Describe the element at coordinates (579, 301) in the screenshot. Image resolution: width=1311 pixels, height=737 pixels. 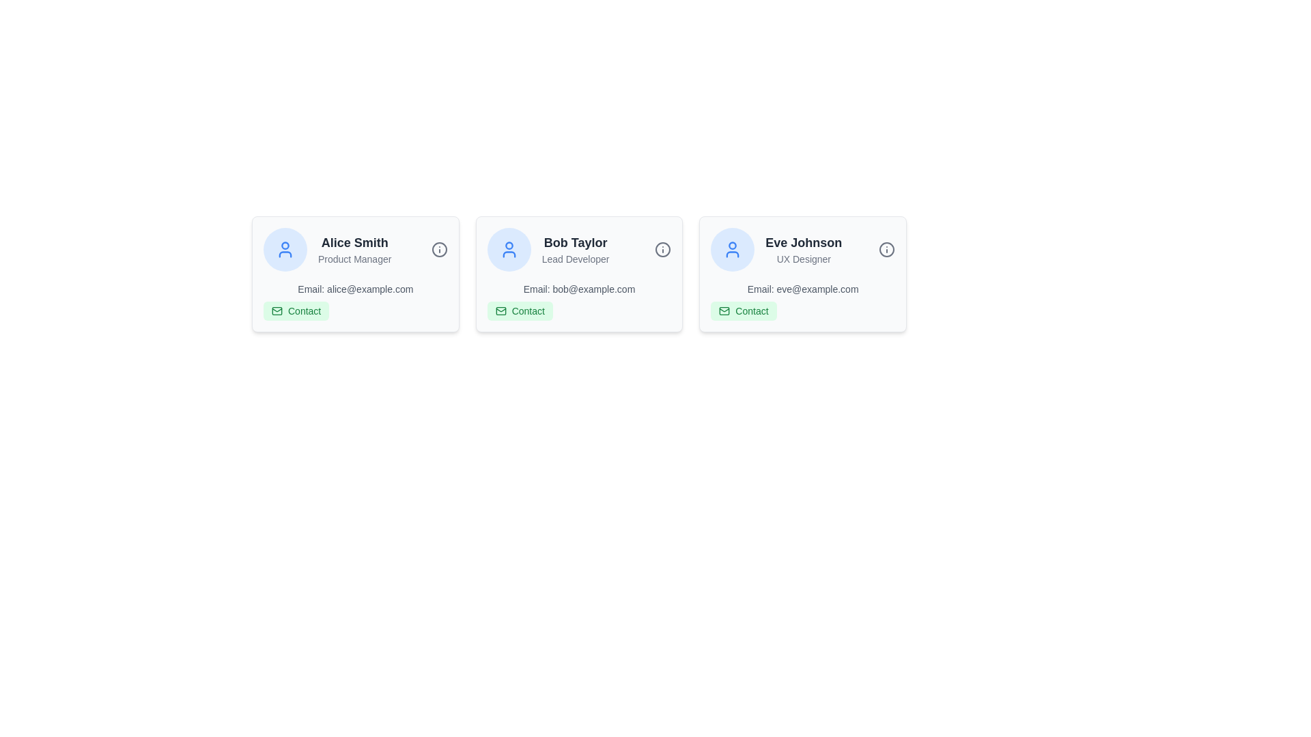
I see `the contact information element for 'Bob Taylor', Lead Developer` at that location.